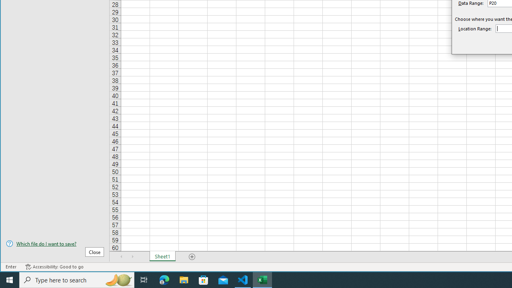 The width and height of the screenshot is (512, 288). Describe the element at coordinates (242, 279) in the screenshot. I see `'Visual Studio Code - 1 running window'` at that location.